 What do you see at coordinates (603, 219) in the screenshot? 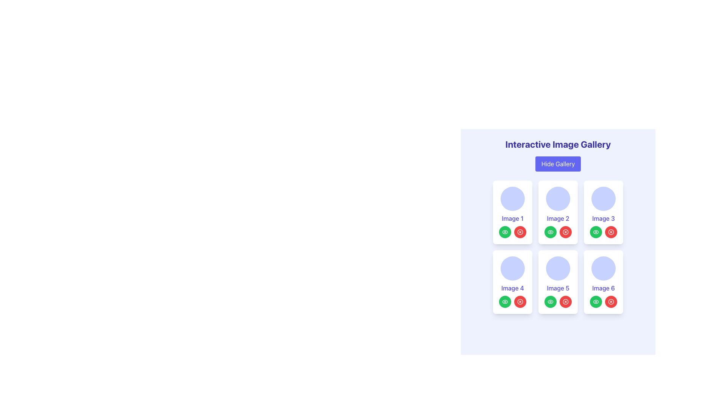
I see `the label for 'Image 3', which is located at the bottom center of its card, serving as its title and situated below the circular image placeholder` at bounding box center [603, 219].